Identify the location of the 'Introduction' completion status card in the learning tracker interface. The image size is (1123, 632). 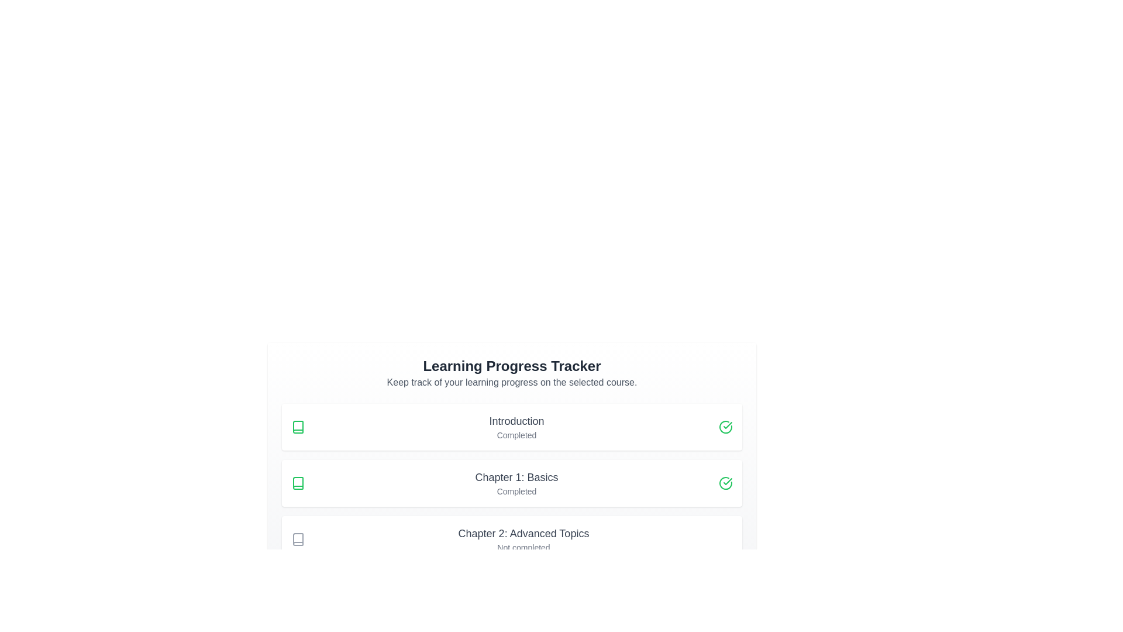
(512, 427).